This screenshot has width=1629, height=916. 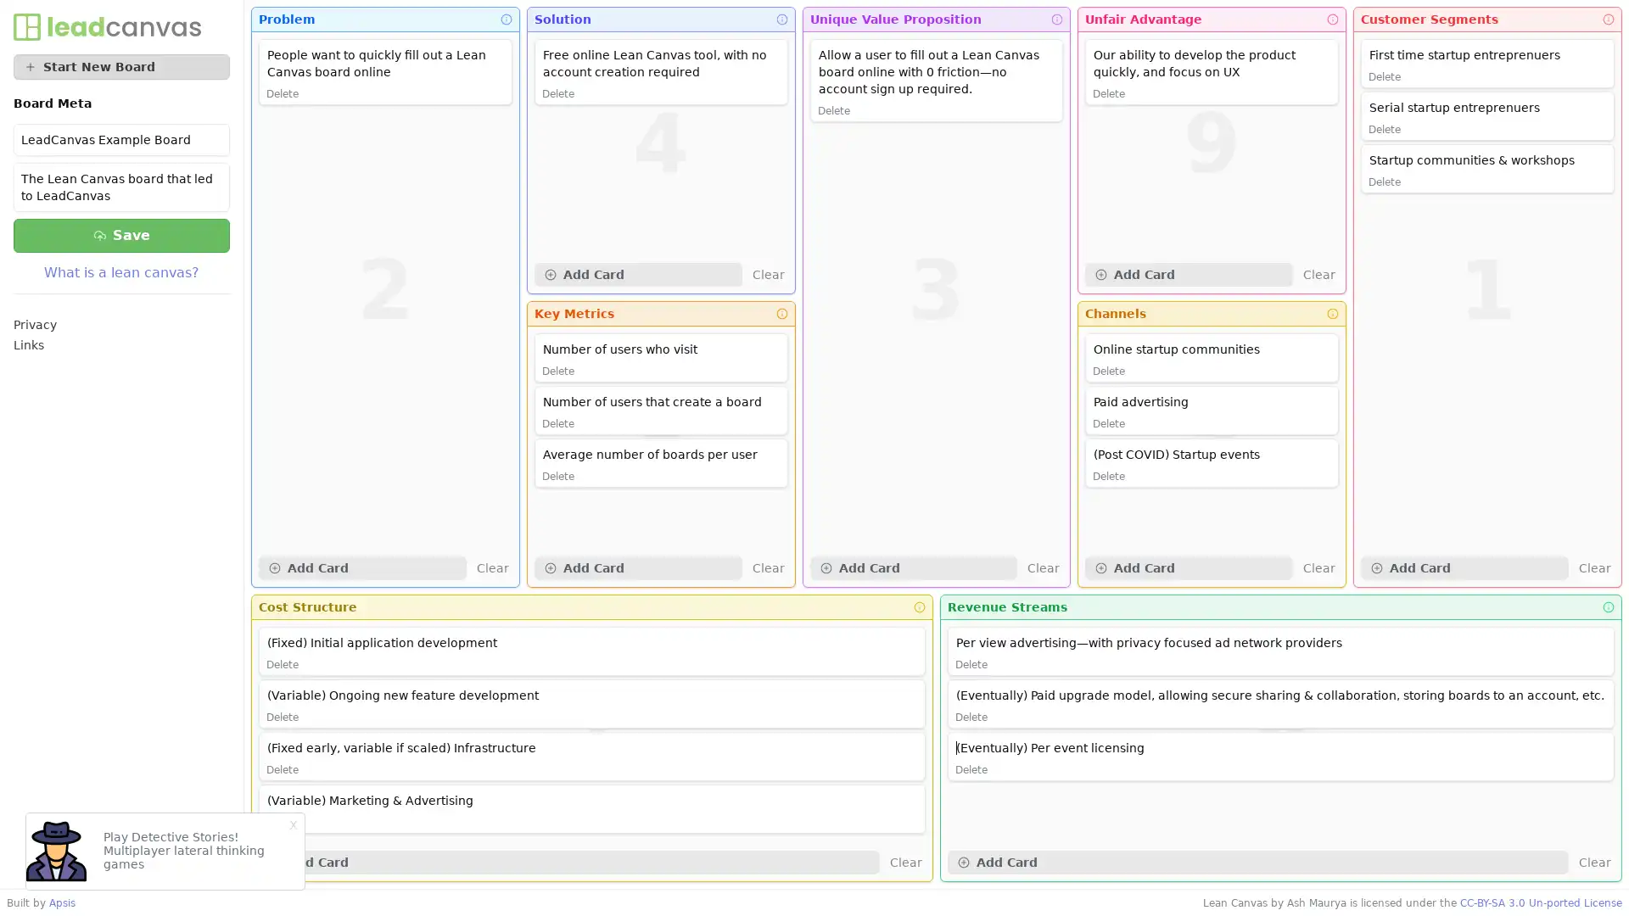 What do you see at coordinates (912, 568) in the screenshot?
I see `Add Card` at bounding box center [912, 568].